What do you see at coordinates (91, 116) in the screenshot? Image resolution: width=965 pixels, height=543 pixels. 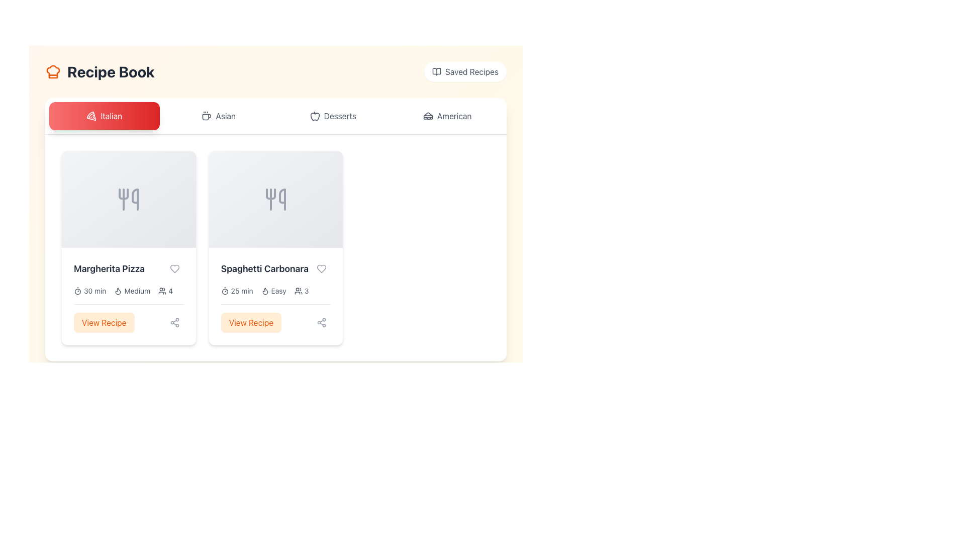 I see `the pizza slice icon within the 'Italian' button in the navigation menu` at bounding box center [91, 116].